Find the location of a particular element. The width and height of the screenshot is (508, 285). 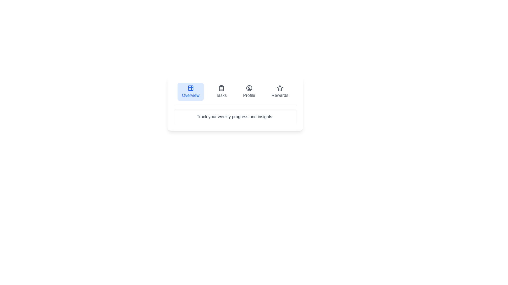

the star-shaped icon with a hollow outline located in the Rewards tab at the top-right of the interface is located at coordinates (279, 88).